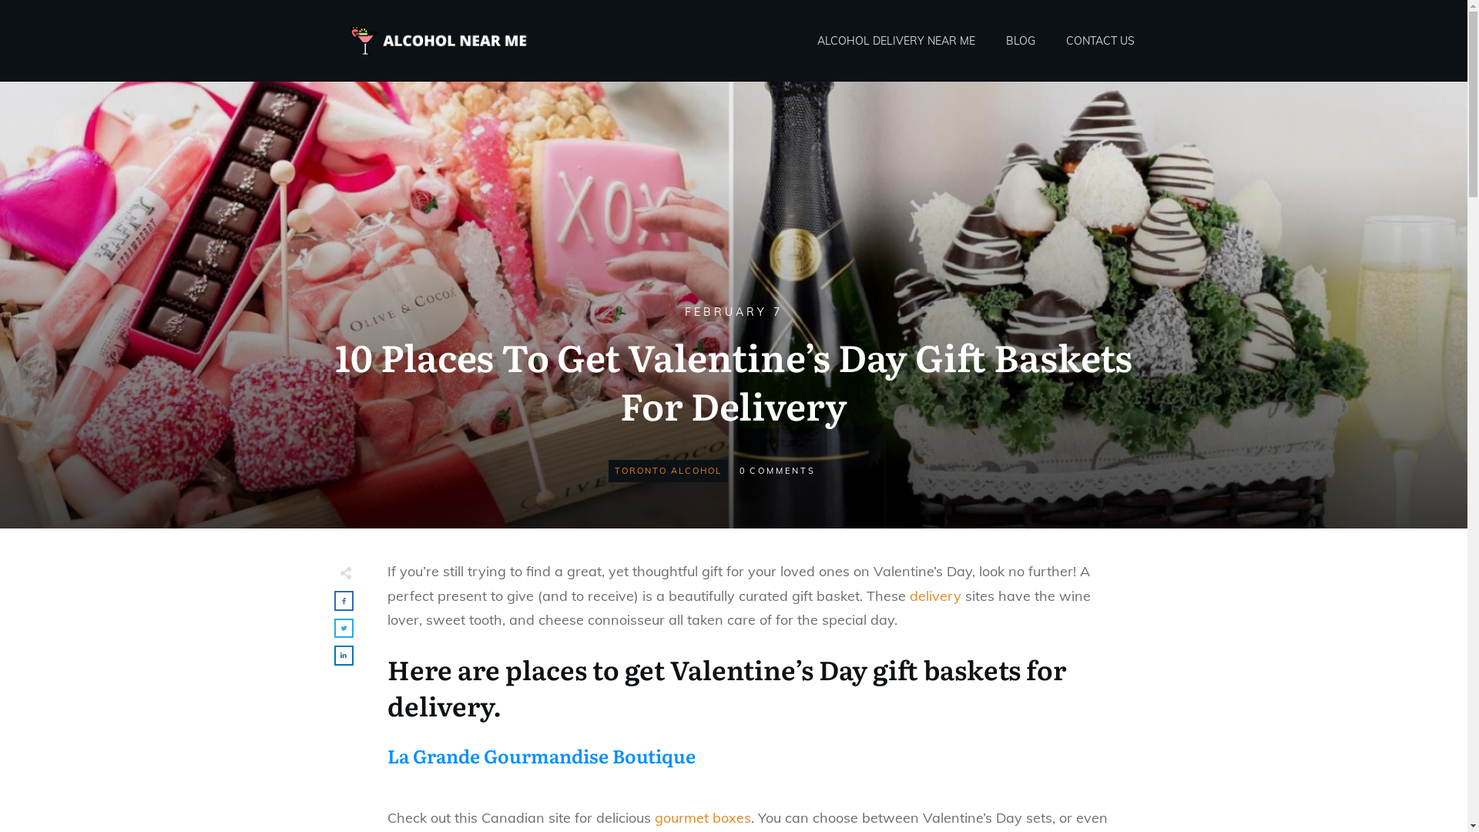 Image resolution: width=1479 pixels, height=832 pixels. I want to click on 'BLOG', so click(1020, 40).